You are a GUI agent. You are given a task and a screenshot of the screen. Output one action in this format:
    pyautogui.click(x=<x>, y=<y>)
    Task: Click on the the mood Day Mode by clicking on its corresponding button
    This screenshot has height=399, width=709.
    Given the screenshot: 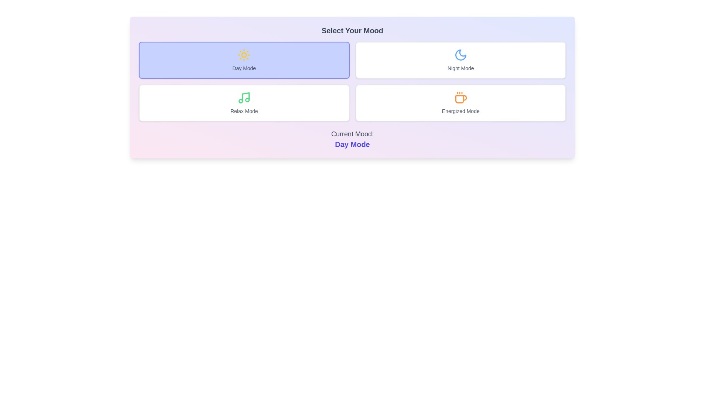 What is the action you would take?
    pyautogui.click(x=244, y=59)
    